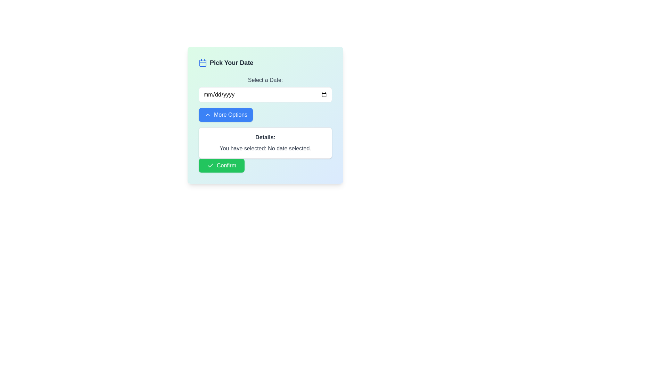  What do you see at coordinates (226, 115) in the screenshot?
I see `the 'More Options' button` at bounding box center [226, 115].